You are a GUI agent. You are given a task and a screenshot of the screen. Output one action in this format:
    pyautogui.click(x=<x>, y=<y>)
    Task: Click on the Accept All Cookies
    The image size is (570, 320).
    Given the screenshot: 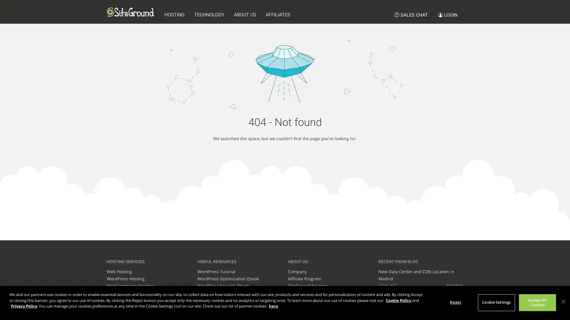 What is the action you would take?
    pyautogui.click(x=537, y=302)
    